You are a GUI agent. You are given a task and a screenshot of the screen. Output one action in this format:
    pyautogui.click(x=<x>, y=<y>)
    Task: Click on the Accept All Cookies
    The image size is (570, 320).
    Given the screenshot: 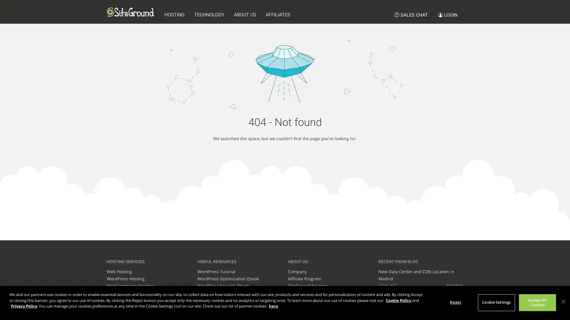 What is the action you would take?
    pyautogui.click(x=537, y=302)
    